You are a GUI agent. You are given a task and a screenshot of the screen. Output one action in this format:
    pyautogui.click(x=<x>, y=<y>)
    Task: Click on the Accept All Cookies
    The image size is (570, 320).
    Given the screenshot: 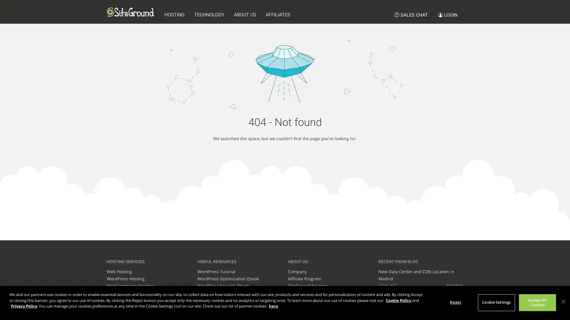 What is the action you would take?
    pyautogui.click(x=537, y=302)
    